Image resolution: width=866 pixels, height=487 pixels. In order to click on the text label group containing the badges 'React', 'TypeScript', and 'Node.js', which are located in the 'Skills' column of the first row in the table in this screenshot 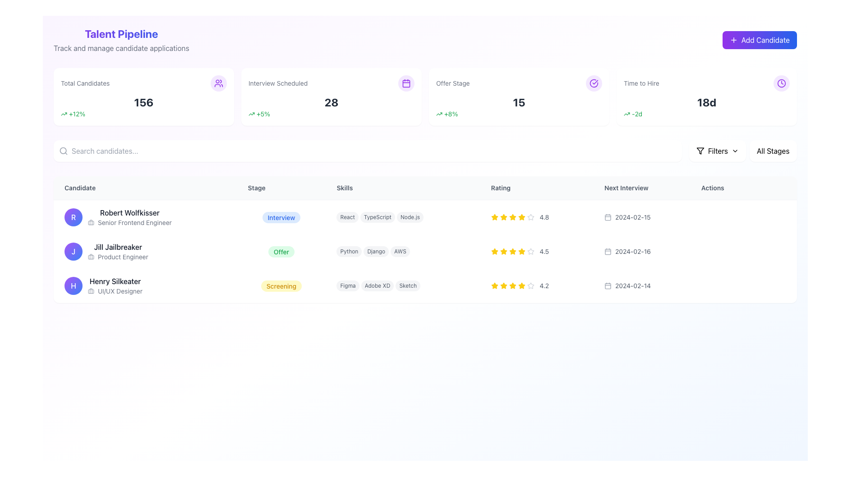, I will do `click(402, 217)`.